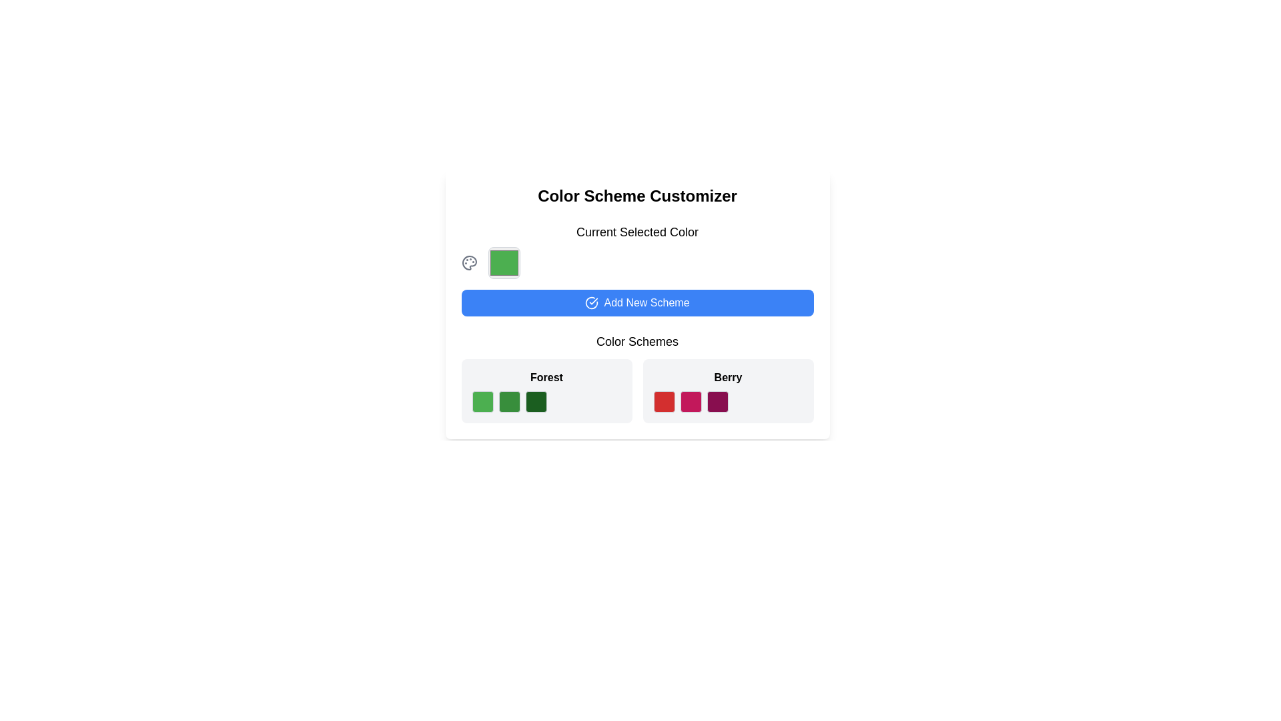  What do you see at coordinates (636, 231) in the screenshot?
I see `the text label that indicates the meaning of the currently selected color in the Color Scheme Customizer interface` at bounding box center [636, 231].